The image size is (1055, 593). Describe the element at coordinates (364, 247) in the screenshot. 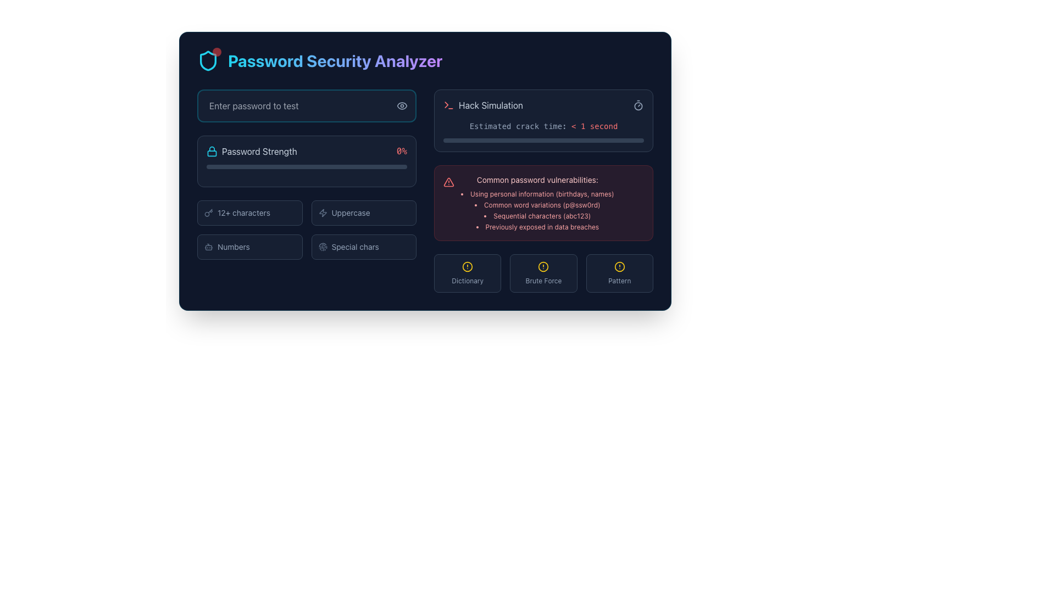

I see `the fourth checklist item in the password characteristics indicators group in the lower-left section of the interface, which indicates the special character criterion for passwords` at that location.